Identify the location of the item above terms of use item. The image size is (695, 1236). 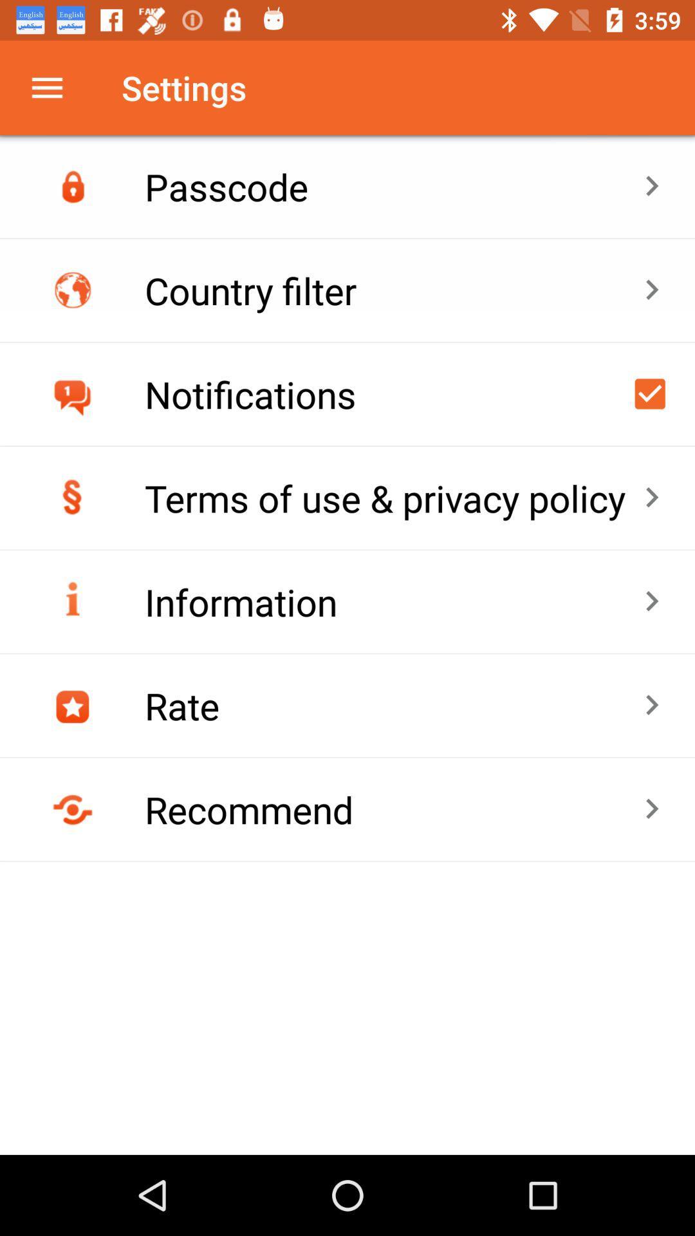
(393, 393).